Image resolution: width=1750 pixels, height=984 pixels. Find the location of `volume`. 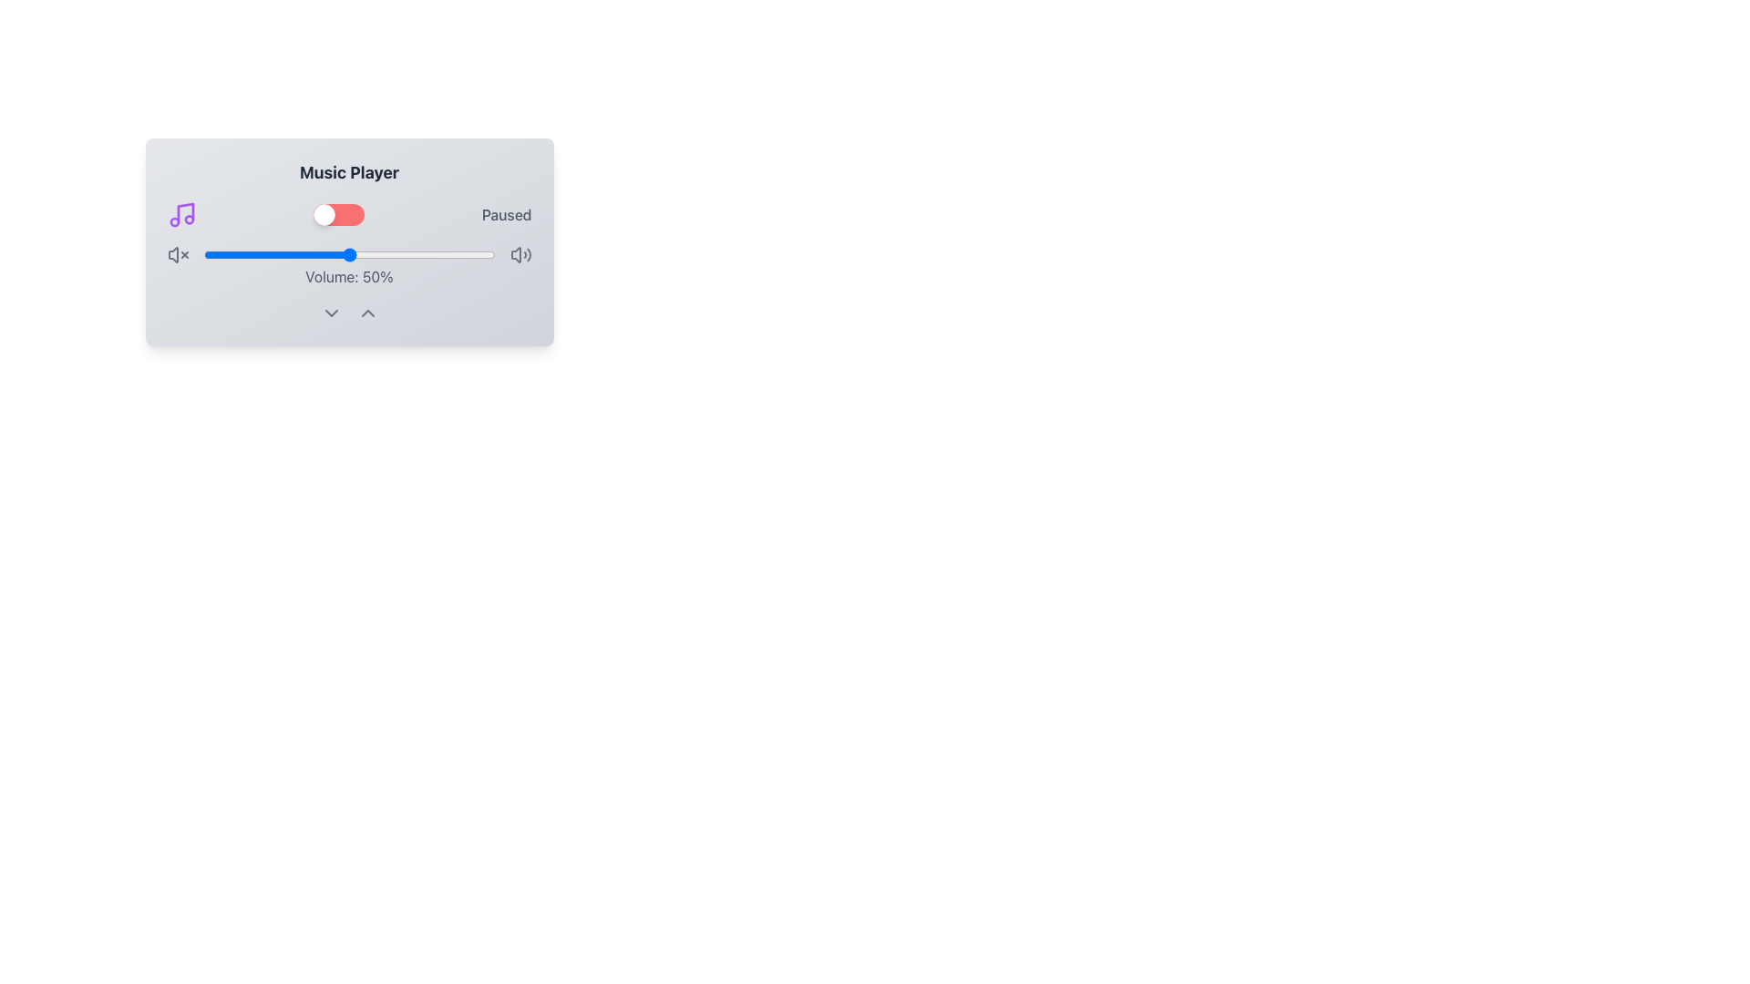

volume is located at coordinates (457, 255).